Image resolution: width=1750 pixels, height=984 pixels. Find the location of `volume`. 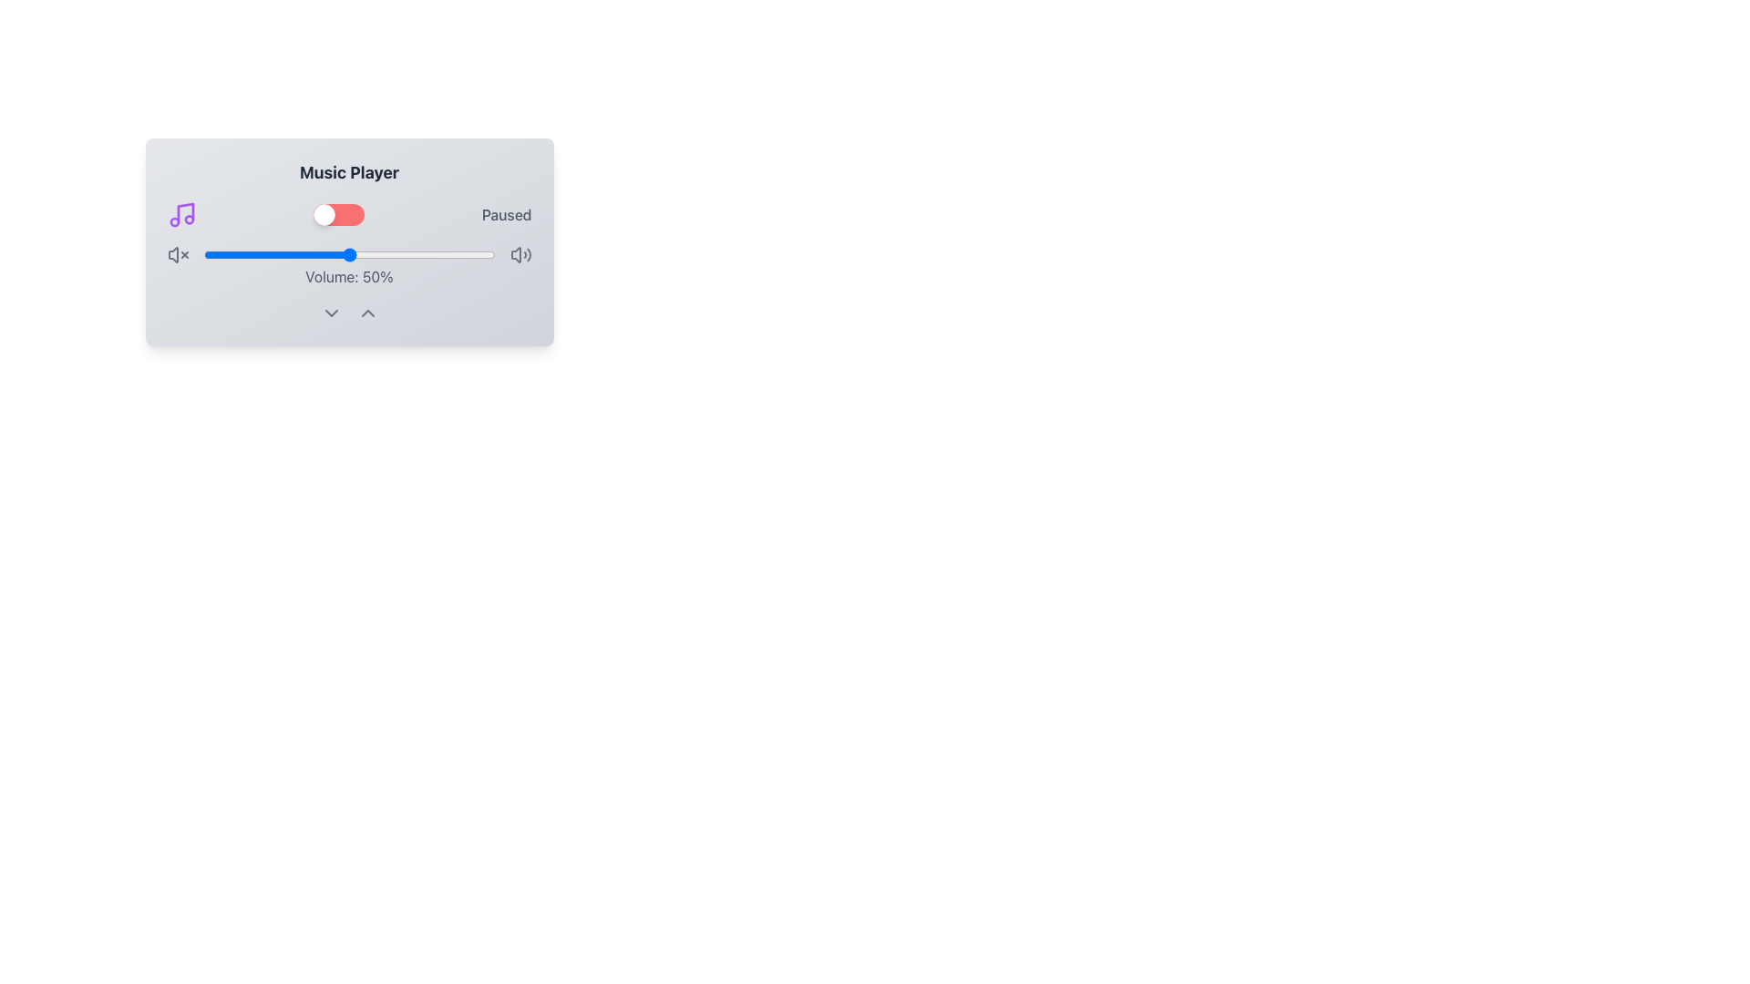

volume is located at coordinates (457, 255).